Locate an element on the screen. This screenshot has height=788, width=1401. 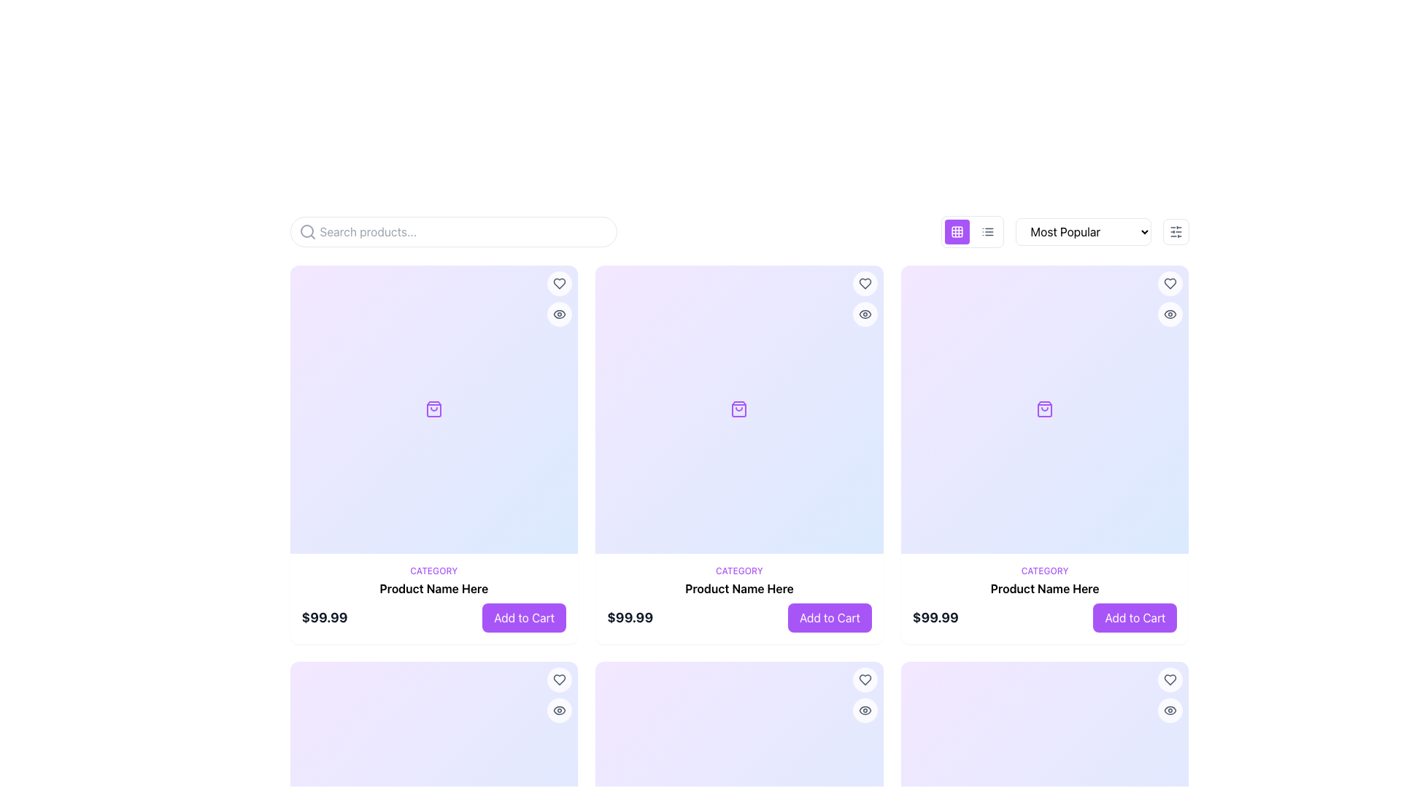
the middle element of the 3x3 grid icon, which represents the grid layout option is located at coordinates (957, 231).